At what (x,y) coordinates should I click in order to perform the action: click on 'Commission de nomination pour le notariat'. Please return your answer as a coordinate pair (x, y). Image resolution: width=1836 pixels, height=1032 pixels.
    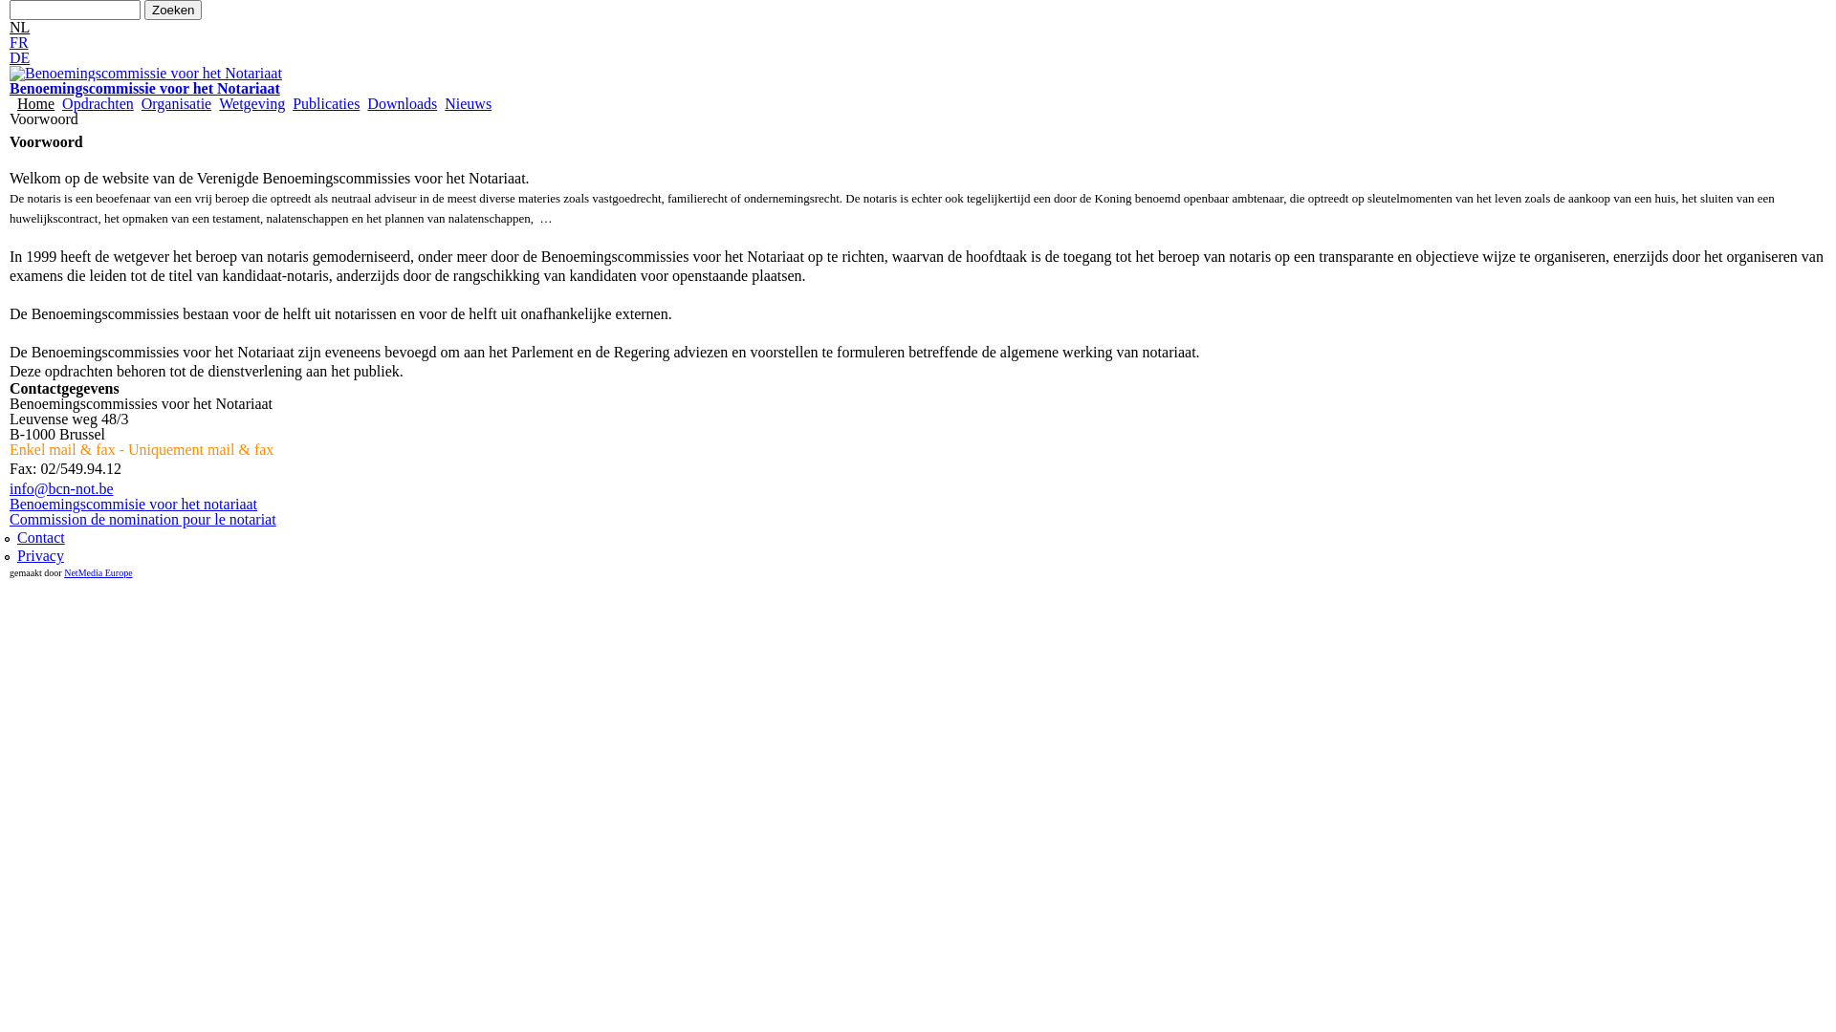
    Looking at the image, I should click on (142, 519).